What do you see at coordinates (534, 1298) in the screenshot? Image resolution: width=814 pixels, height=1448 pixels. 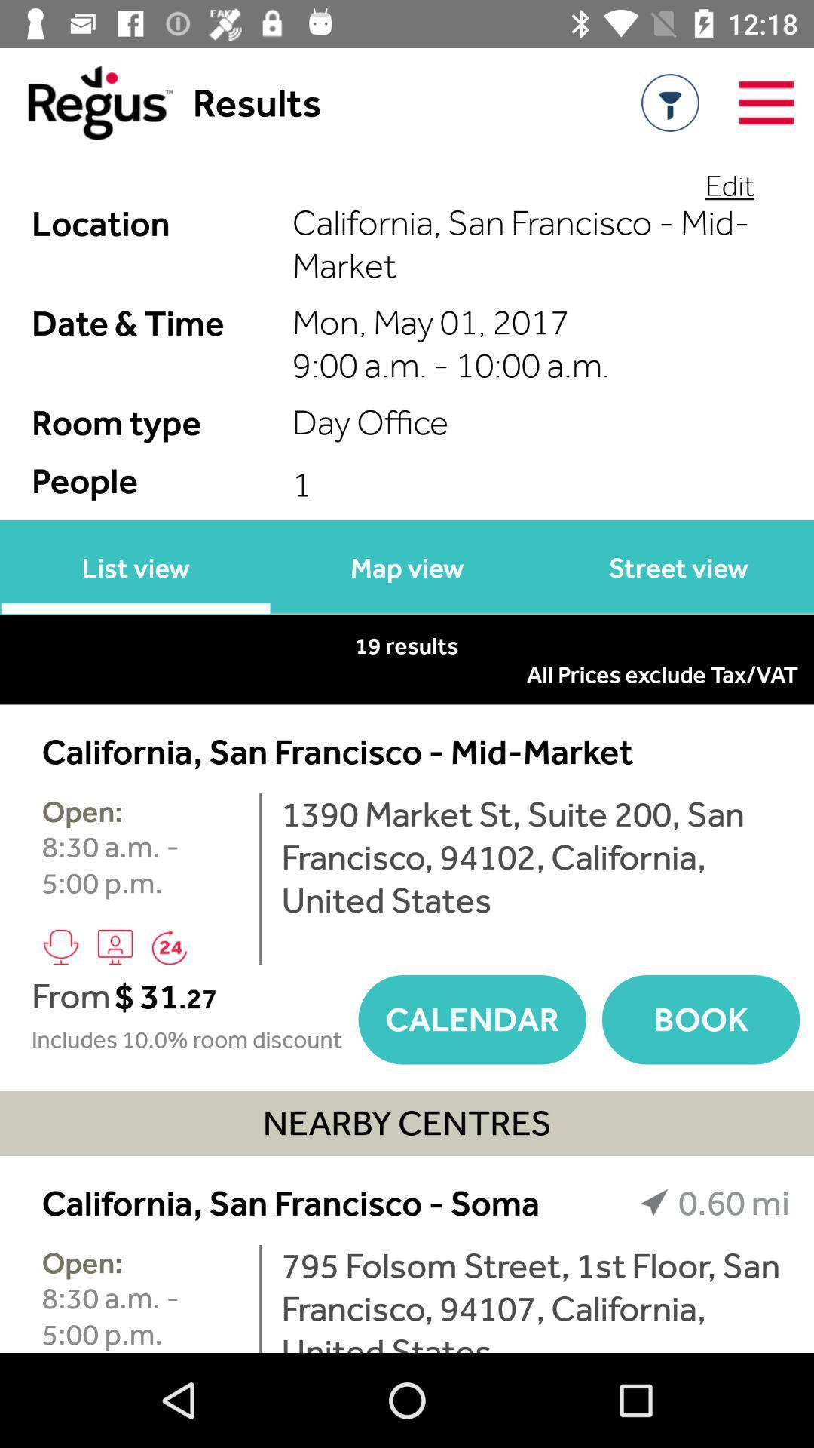 I see `item below california san francisco item` at bounding box center [534, 1298].